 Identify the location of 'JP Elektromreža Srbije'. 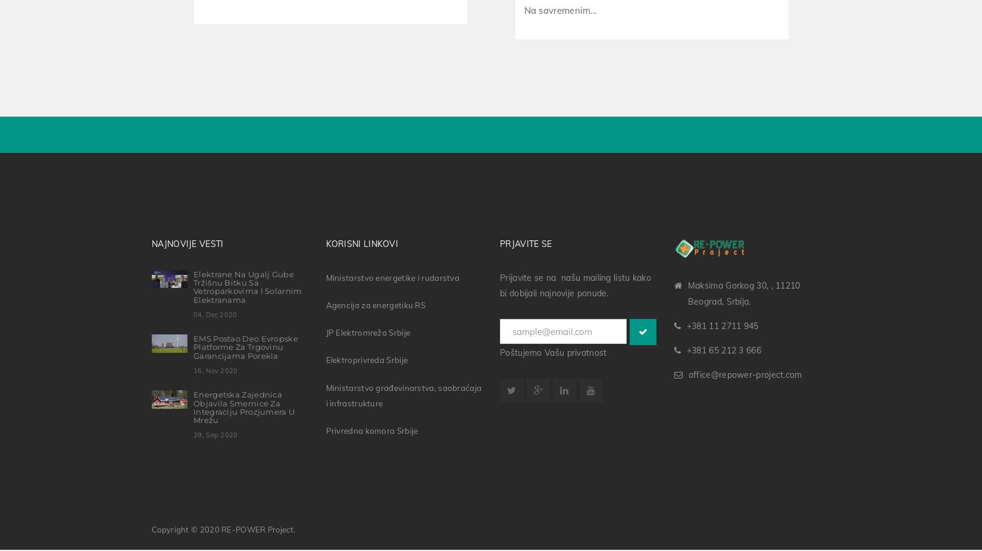
(367, 330).